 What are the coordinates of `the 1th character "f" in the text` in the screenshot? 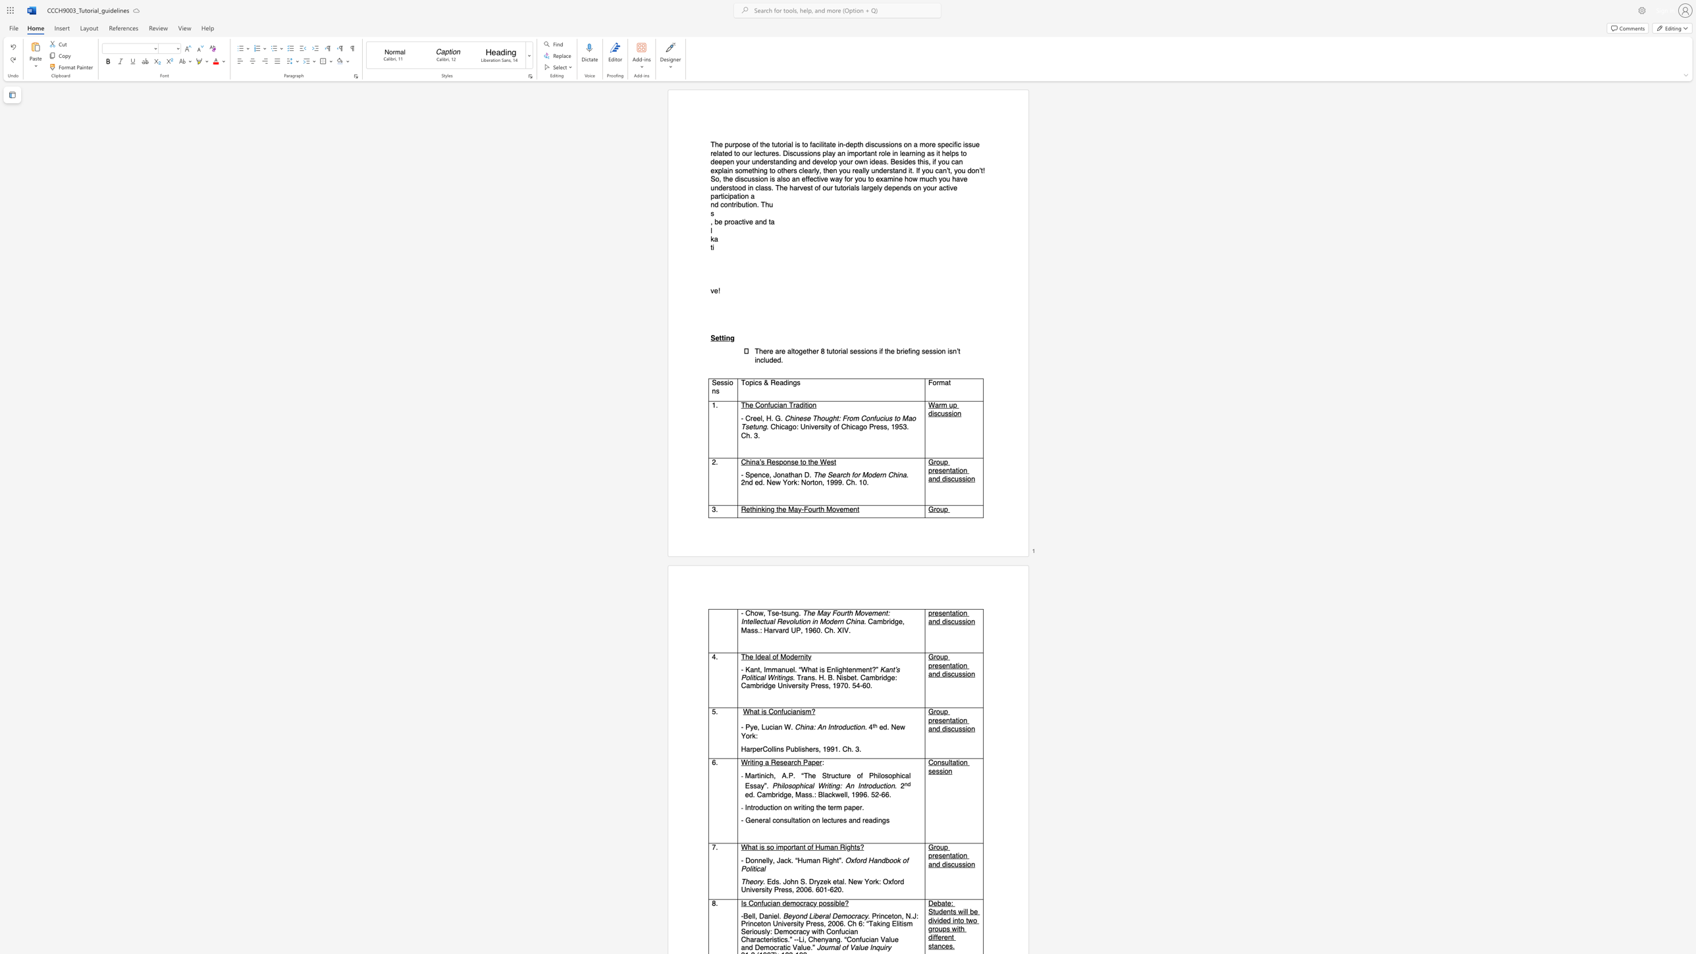 It's located at (768, 404).